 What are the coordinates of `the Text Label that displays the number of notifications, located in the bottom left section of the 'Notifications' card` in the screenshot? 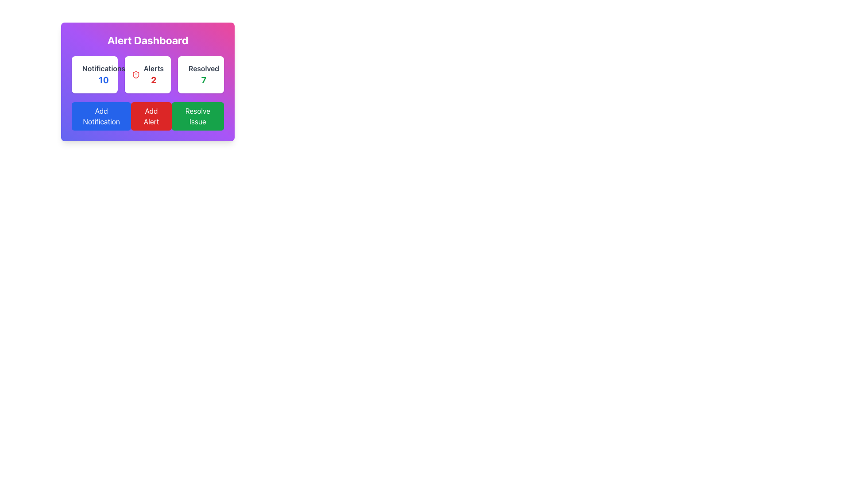 It's located at (104, 80).